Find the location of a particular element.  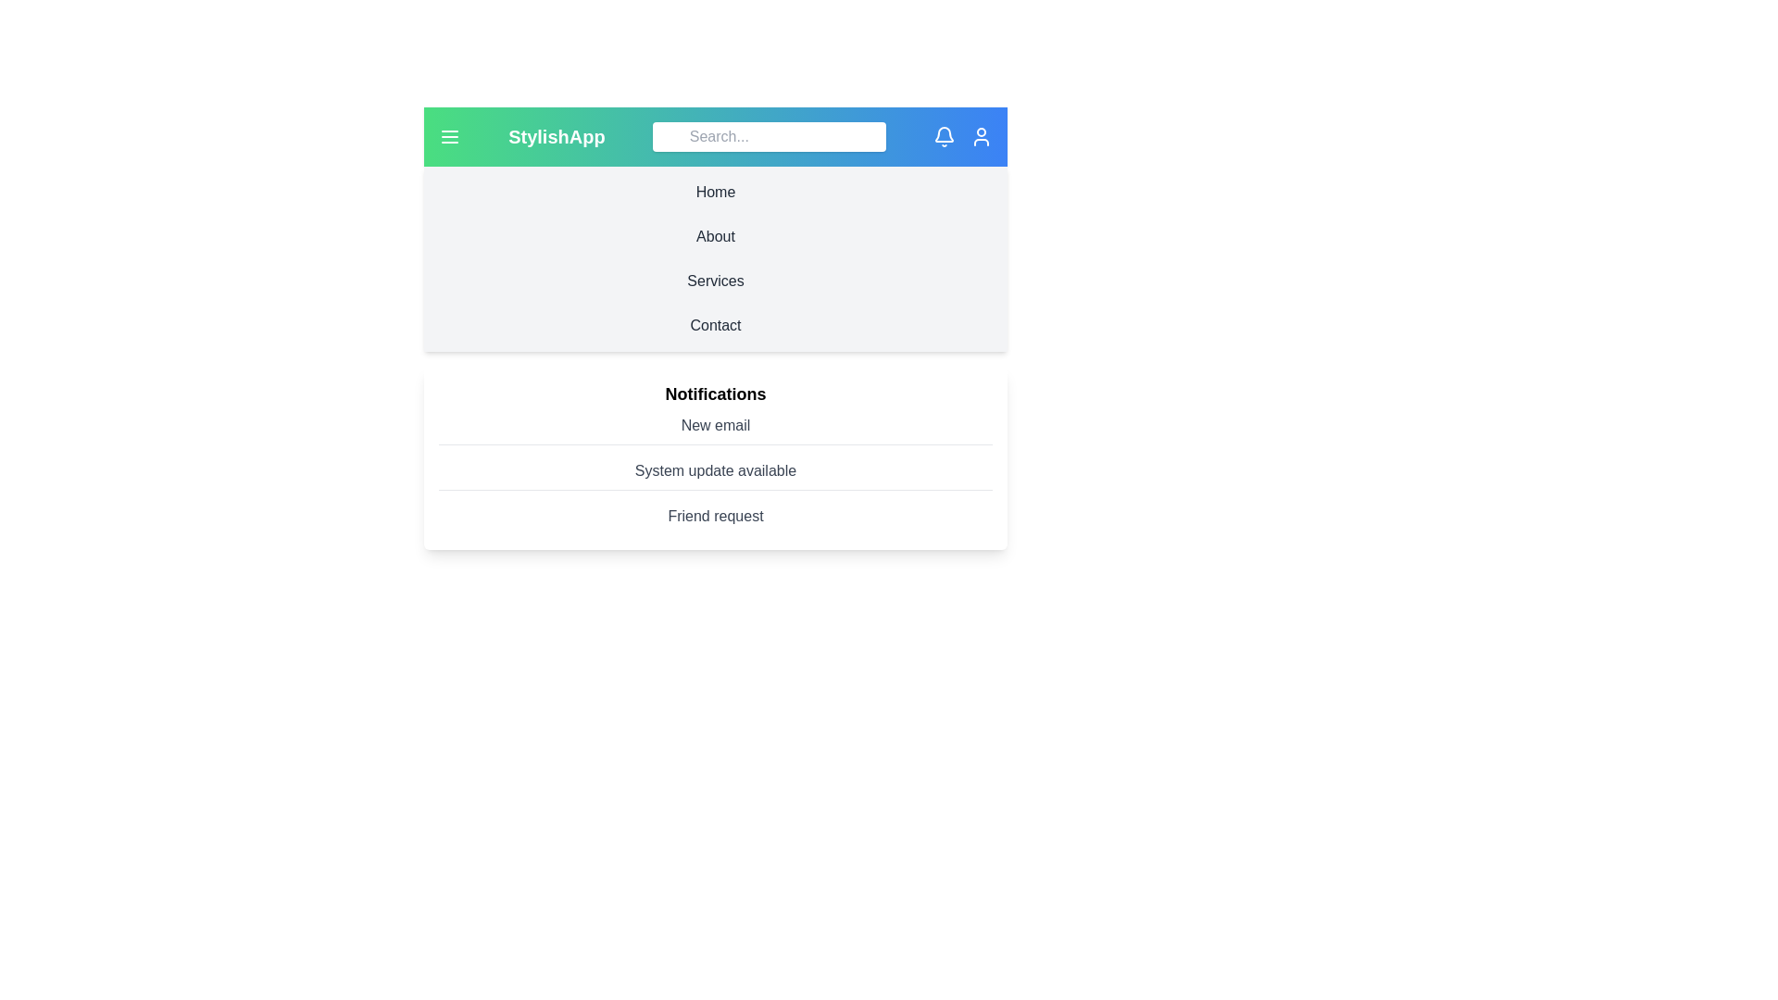

the bell icon to view notifications is located at coordinates (944, 135).